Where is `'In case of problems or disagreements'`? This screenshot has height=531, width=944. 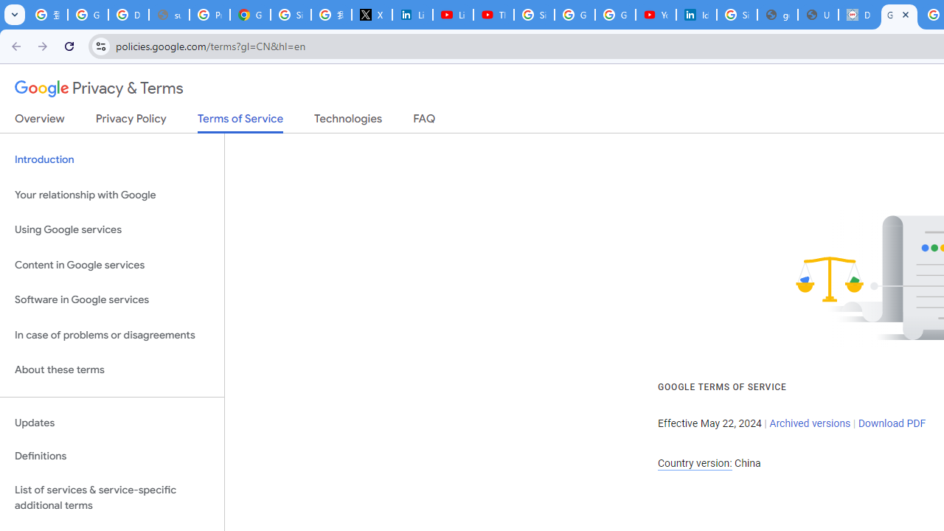 'In case of problems or disagreements' is located at coordinates (111, 335).